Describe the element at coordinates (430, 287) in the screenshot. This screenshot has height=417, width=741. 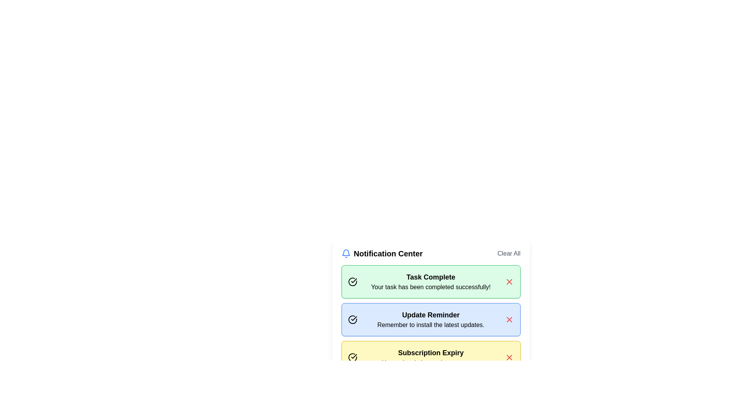
I see `the static text element that reads 'Your task has been completed successfully!' within the 'Task Complete' notification box` at that location.